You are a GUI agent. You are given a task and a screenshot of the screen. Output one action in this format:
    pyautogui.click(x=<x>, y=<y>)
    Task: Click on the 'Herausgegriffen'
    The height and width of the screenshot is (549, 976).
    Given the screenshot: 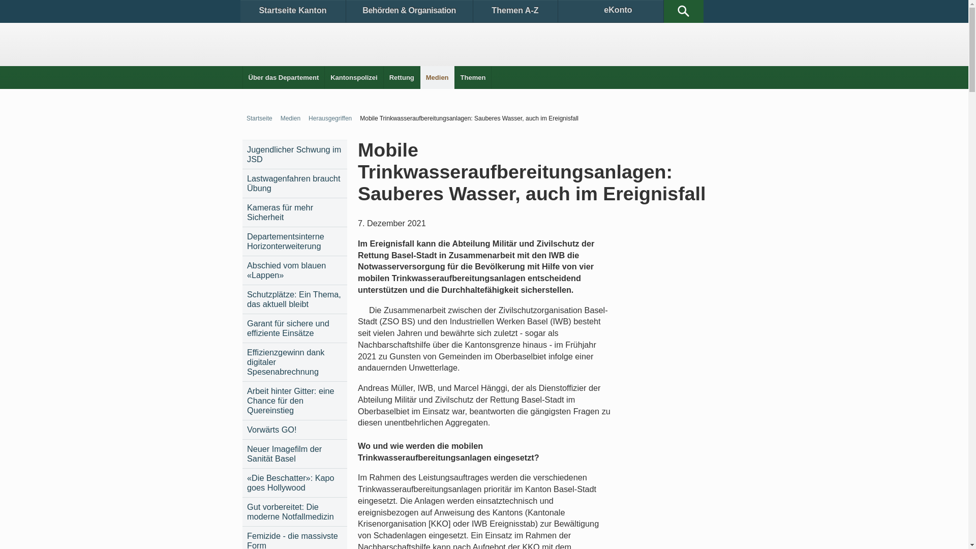 What is the action you would take?
    pyautogui.click(x=328, y=117)
    